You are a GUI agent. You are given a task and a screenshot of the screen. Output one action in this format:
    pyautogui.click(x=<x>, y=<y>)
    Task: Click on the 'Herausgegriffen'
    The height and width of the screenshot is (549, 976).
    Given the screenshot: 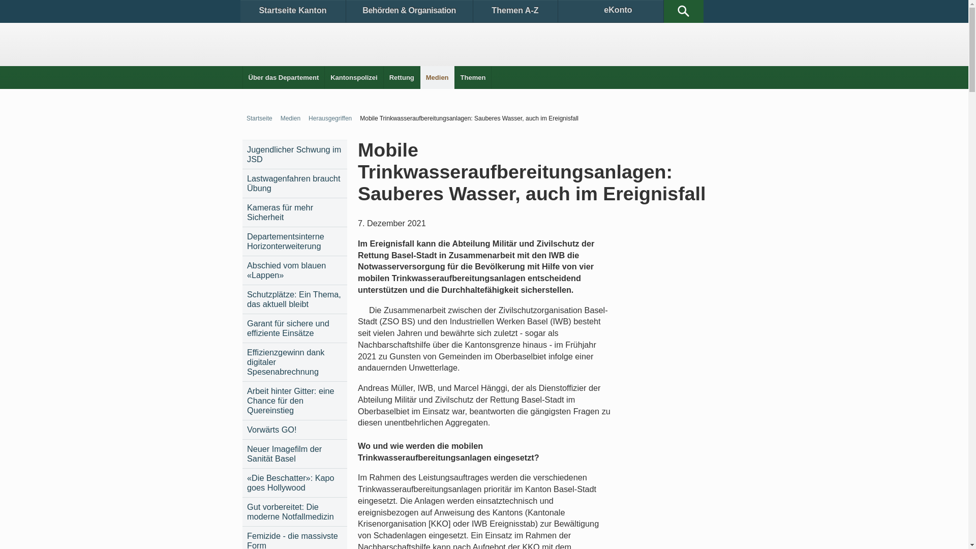 What is the action you would take?
    pyautogui.click(x=328, y=117)
    